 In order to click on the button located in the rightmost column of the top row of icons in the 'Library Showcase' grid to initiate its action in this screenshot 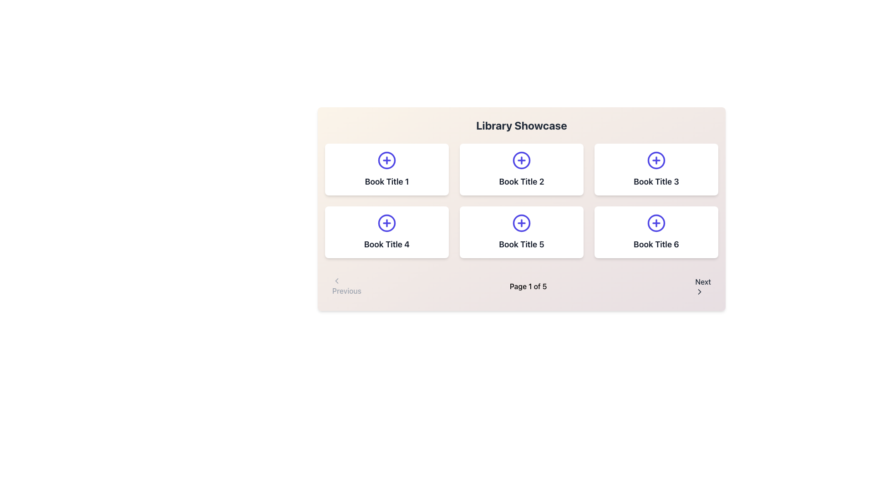, I will do `click(656, 160)`.